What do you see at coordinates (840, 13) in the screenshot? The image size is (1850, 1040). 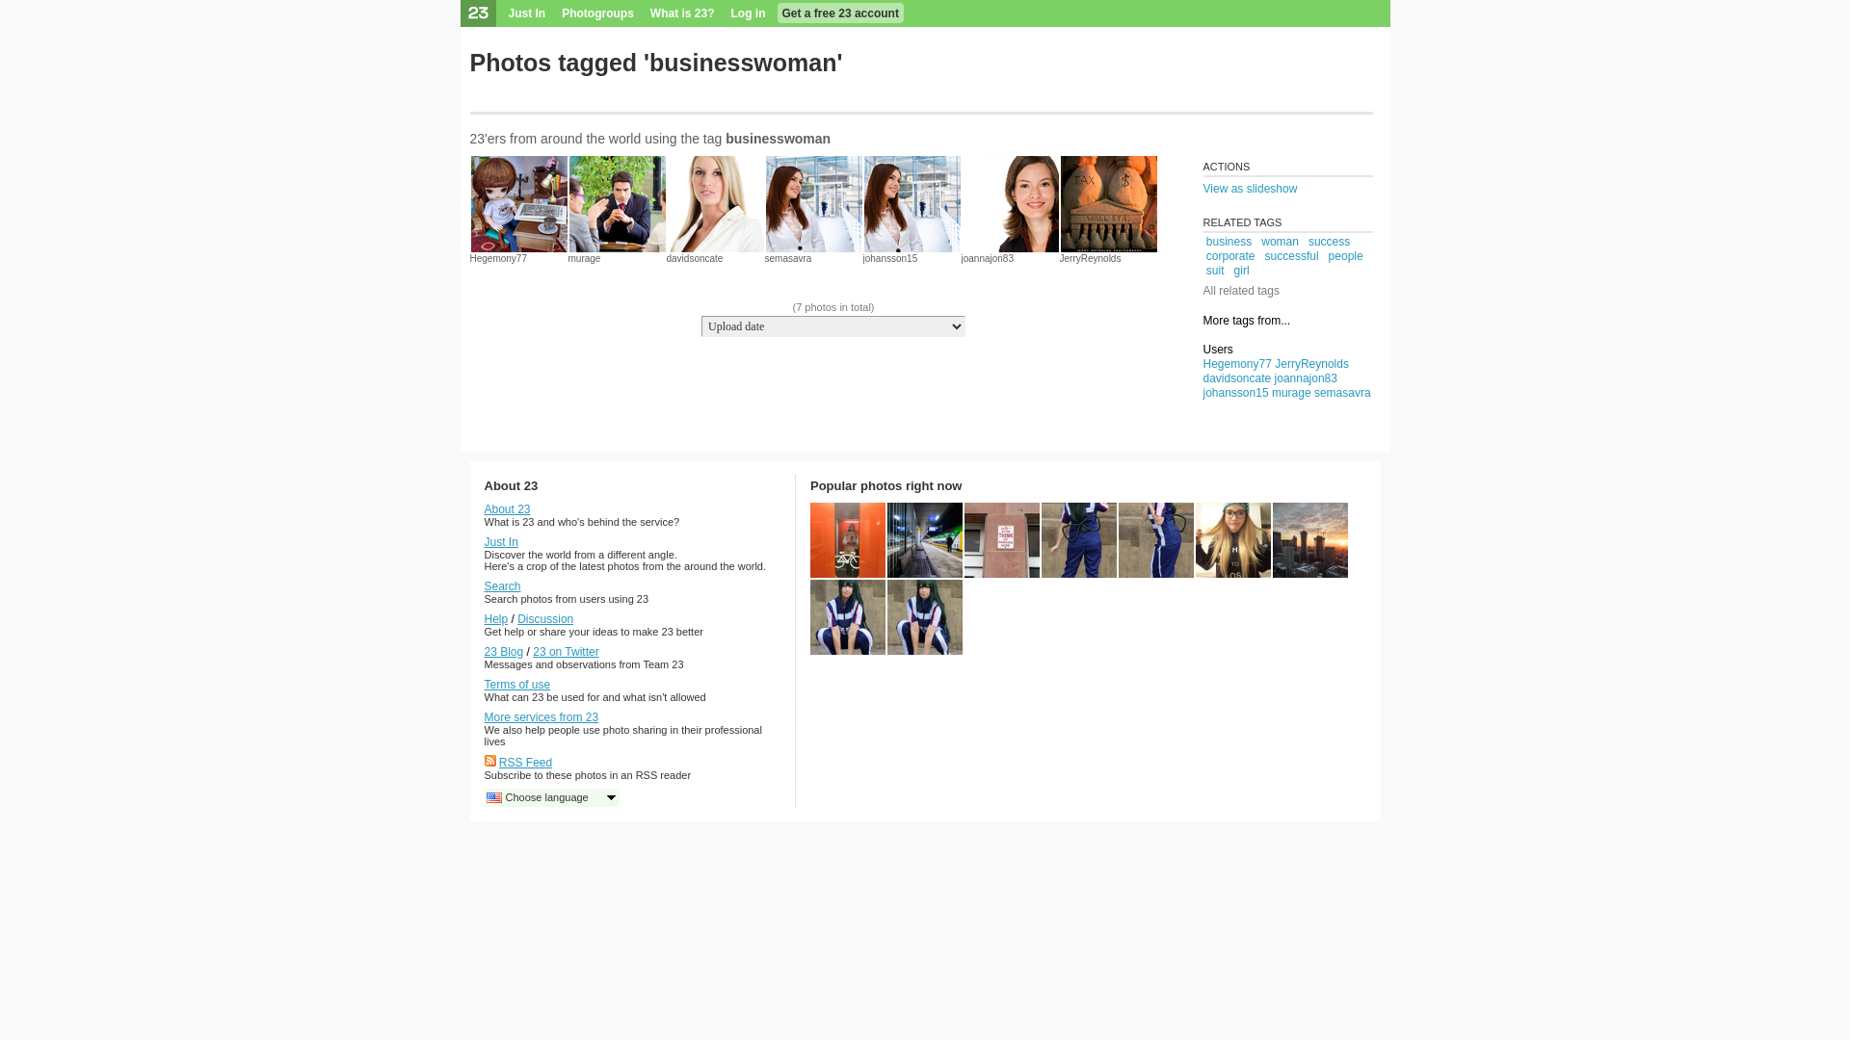 I see `'Get a free 23 account'` at bounding box center [840, 13].